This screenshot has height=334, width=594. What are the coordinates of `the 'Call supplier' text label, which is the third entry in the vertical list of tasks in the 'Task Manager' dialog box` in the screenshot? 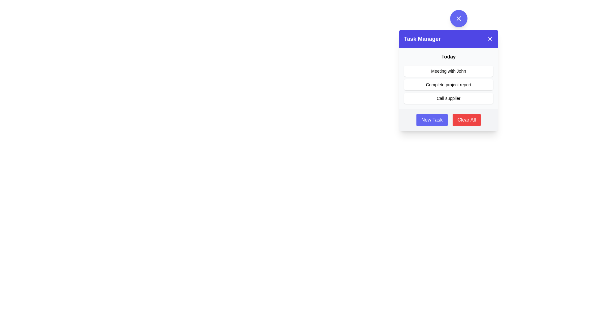 It's located at (448, 98).